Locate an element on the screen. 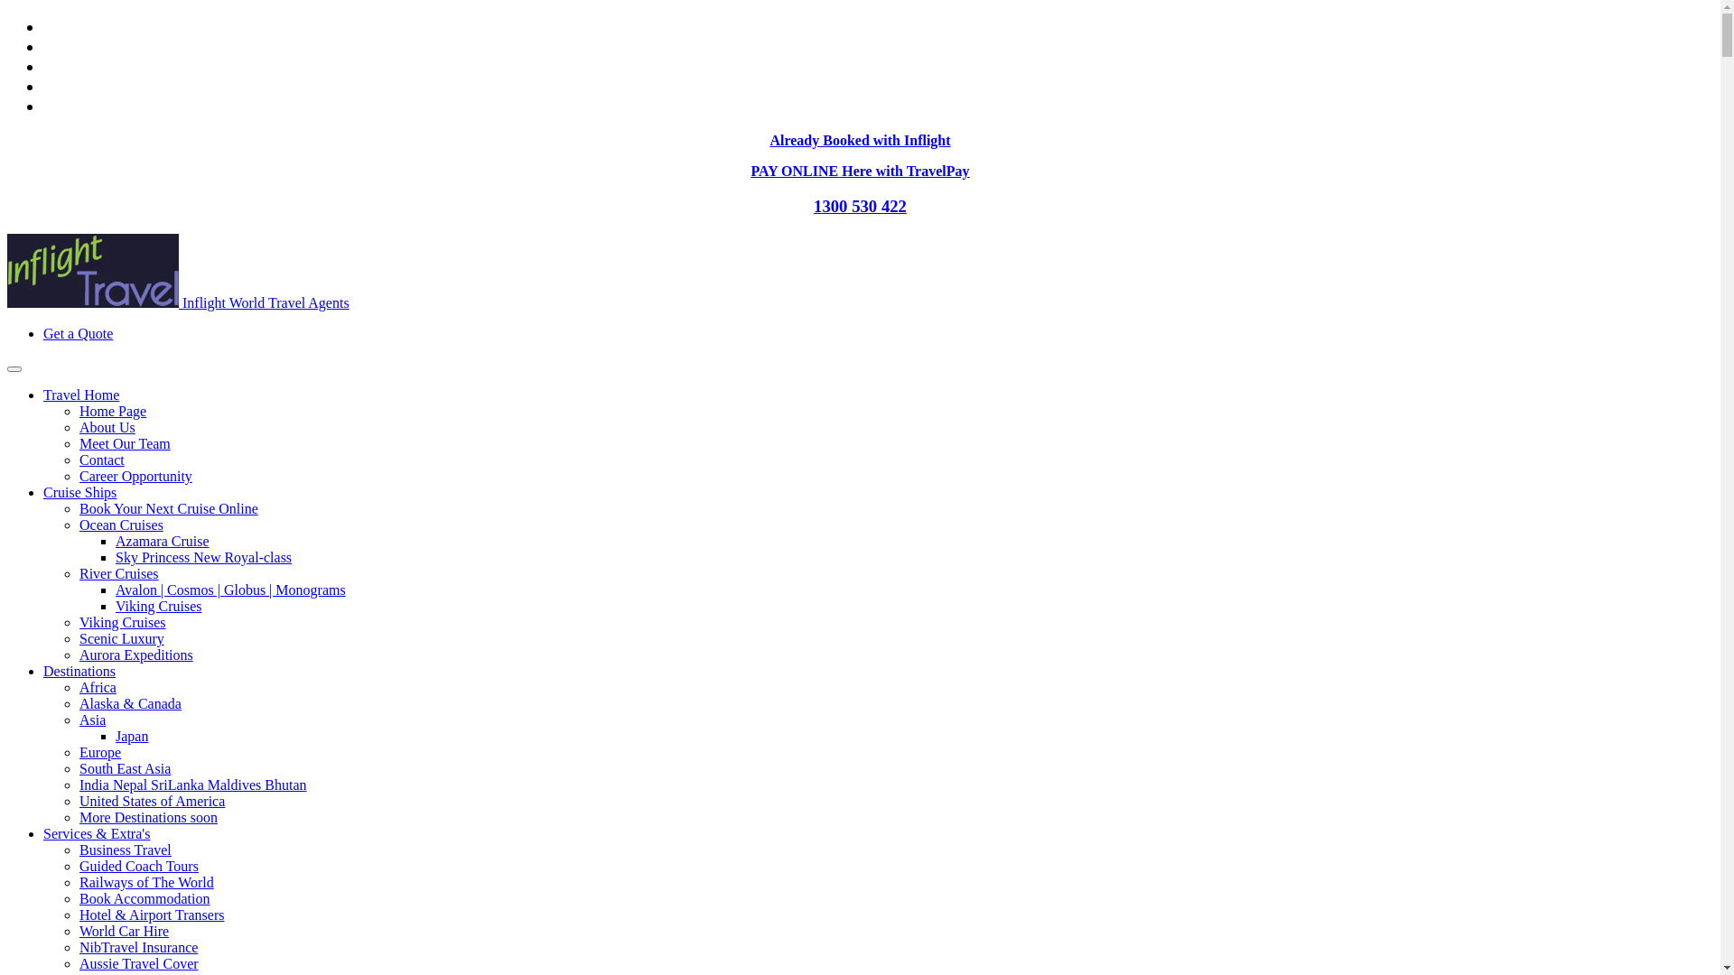  'Sky Princess New Royal-class' is located at coordinates (203, 556).